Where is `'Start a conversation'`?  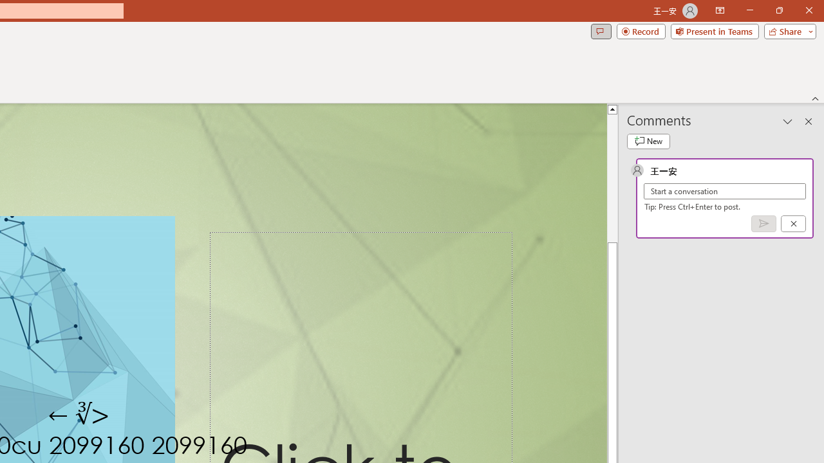
'Start a conversation' is located at coordinates (725, 191).